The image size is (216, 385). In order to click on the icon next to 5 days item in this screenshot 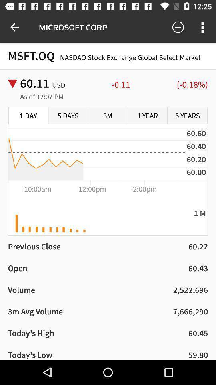, I will do `click(28, 115)`.